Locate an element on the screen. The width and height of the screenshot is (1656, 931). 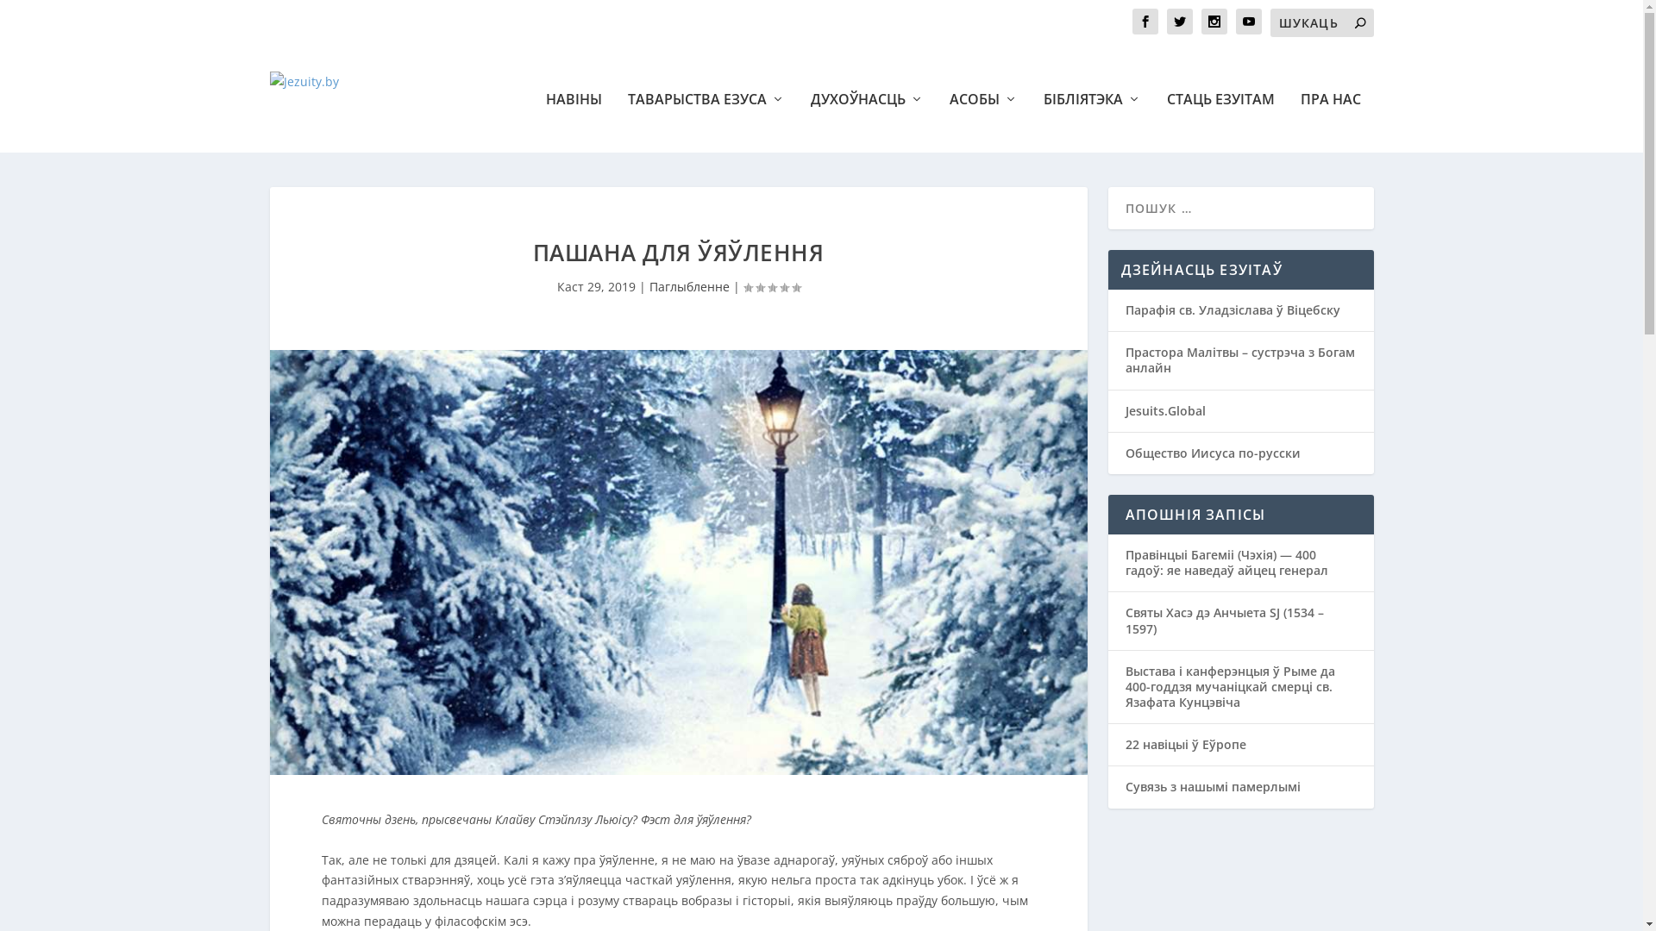
'Rating: 0.00' is located at coordinates (743, 286).